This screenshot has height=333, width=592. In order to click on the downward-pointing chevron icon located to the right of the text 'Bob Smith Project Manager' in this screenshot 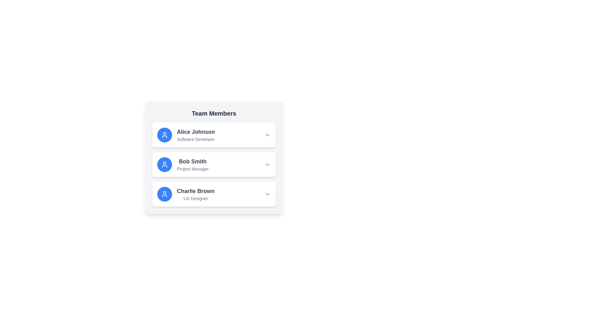, I will do `click(268, 164)`.